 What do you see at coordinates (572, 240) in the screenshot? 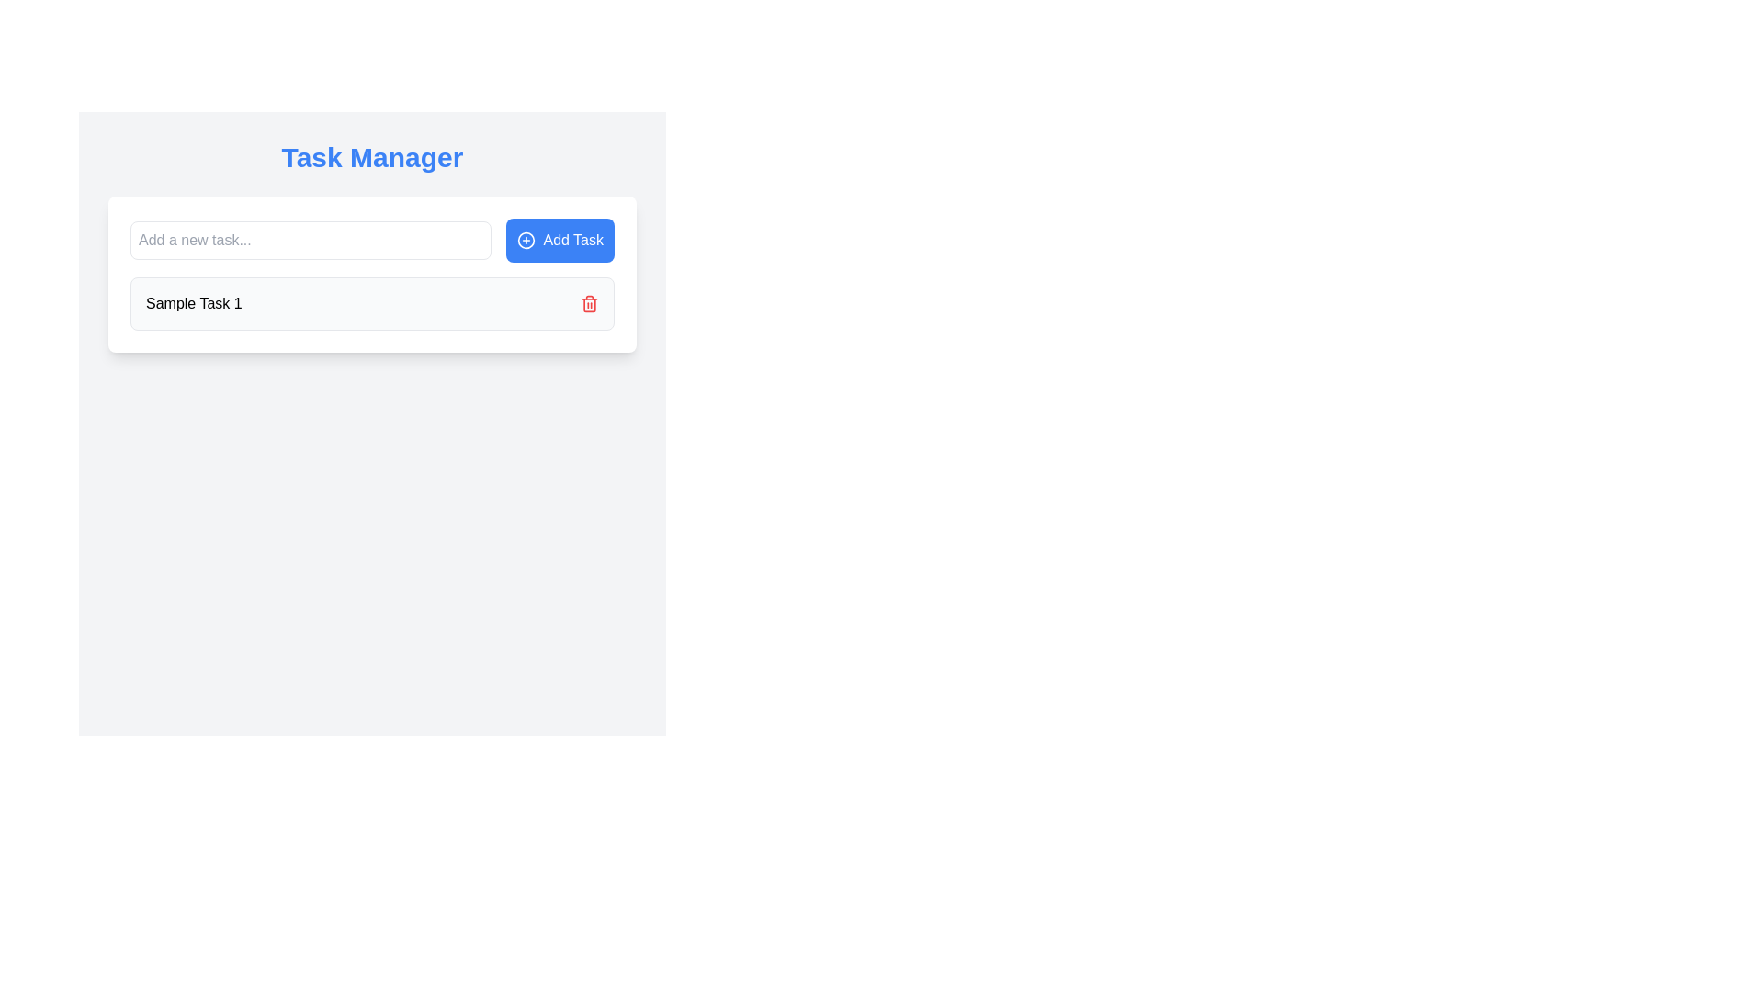
I see `the 'Add Task' text label, which is styled with a white font color and positioned inside a blue button on the right side of the task input section` at bounding box center [572, 240].